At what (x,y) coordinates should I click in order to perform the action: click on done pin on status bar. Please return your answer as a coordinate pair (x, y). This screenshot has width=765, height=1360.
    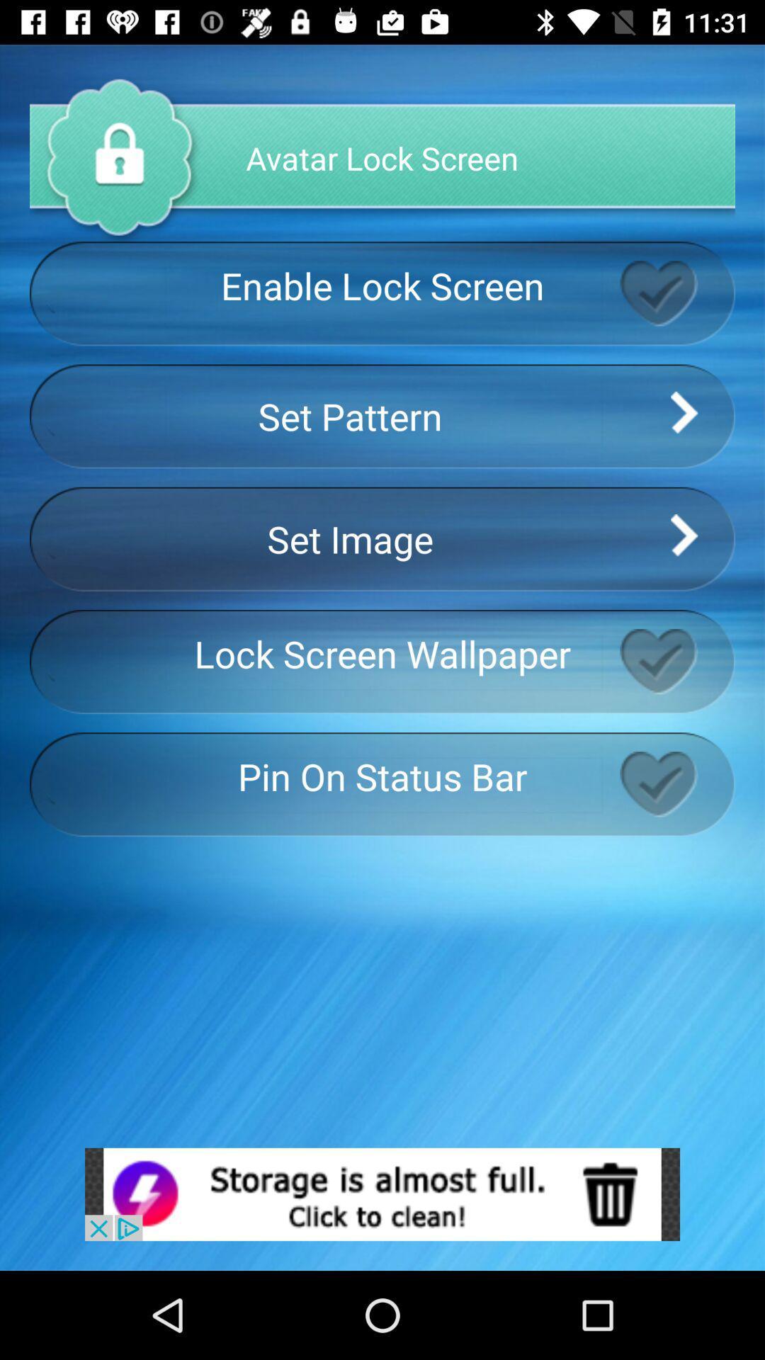
    Looking at the image, I should click on (676, 783).